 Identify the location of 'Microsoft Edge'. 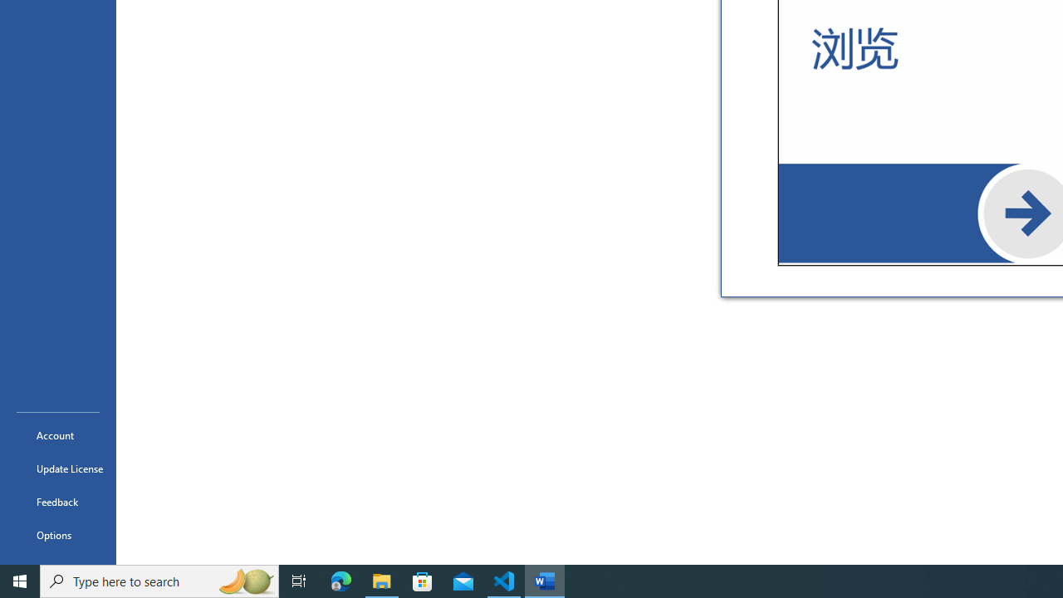
(340, 580).